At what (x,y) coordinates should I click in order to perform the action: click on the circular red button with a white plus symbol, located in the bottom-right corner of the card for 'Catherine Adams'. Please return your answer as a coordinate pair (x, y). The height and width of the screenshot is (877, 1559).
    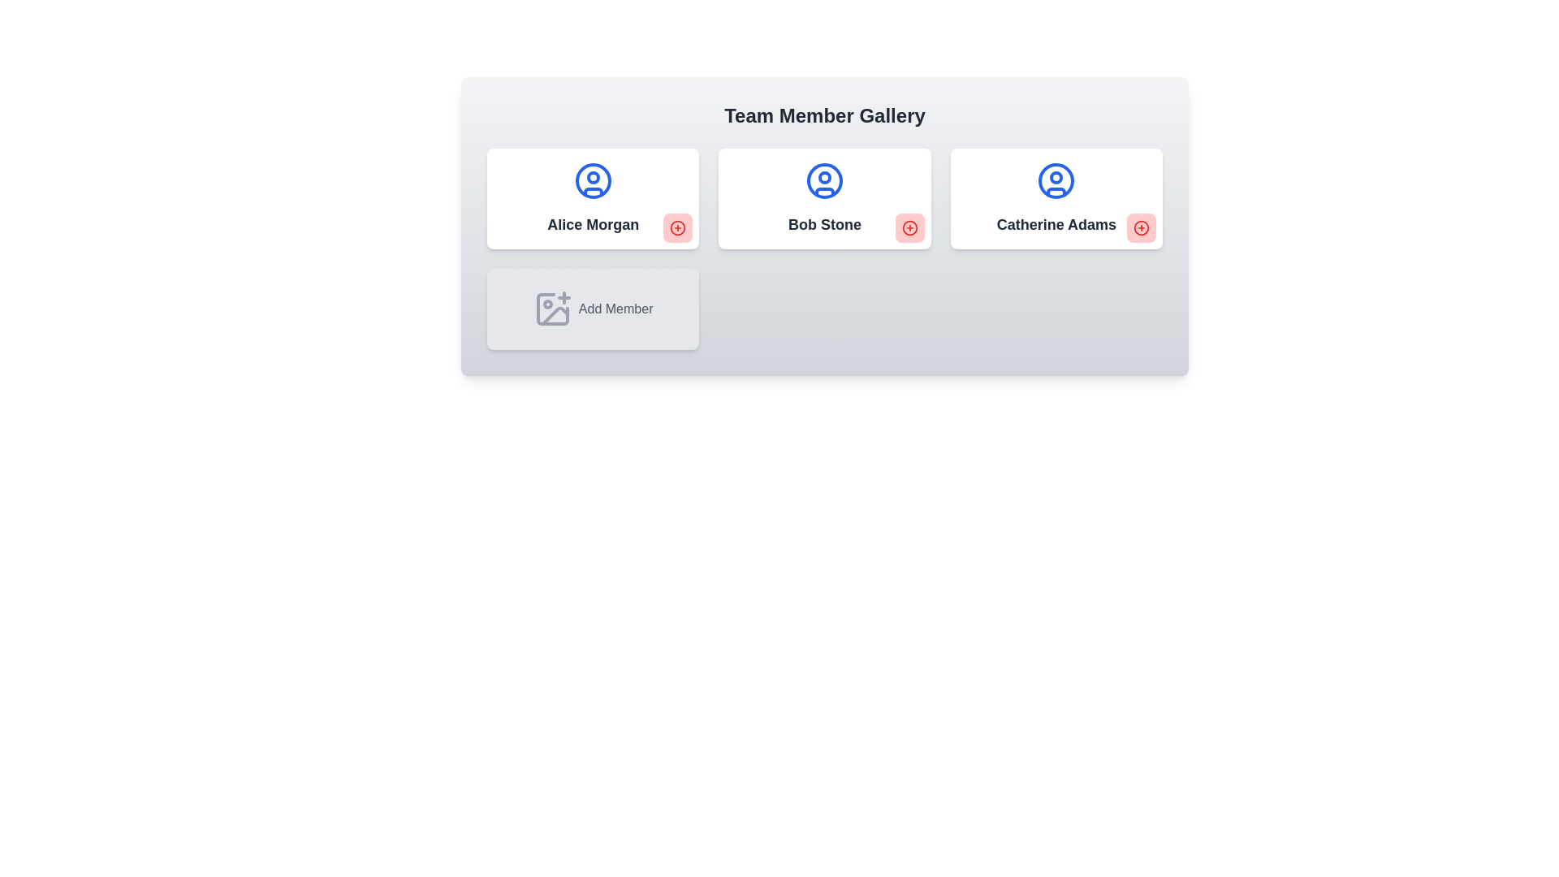
    Looking at the image, I should click on (1141, 228).